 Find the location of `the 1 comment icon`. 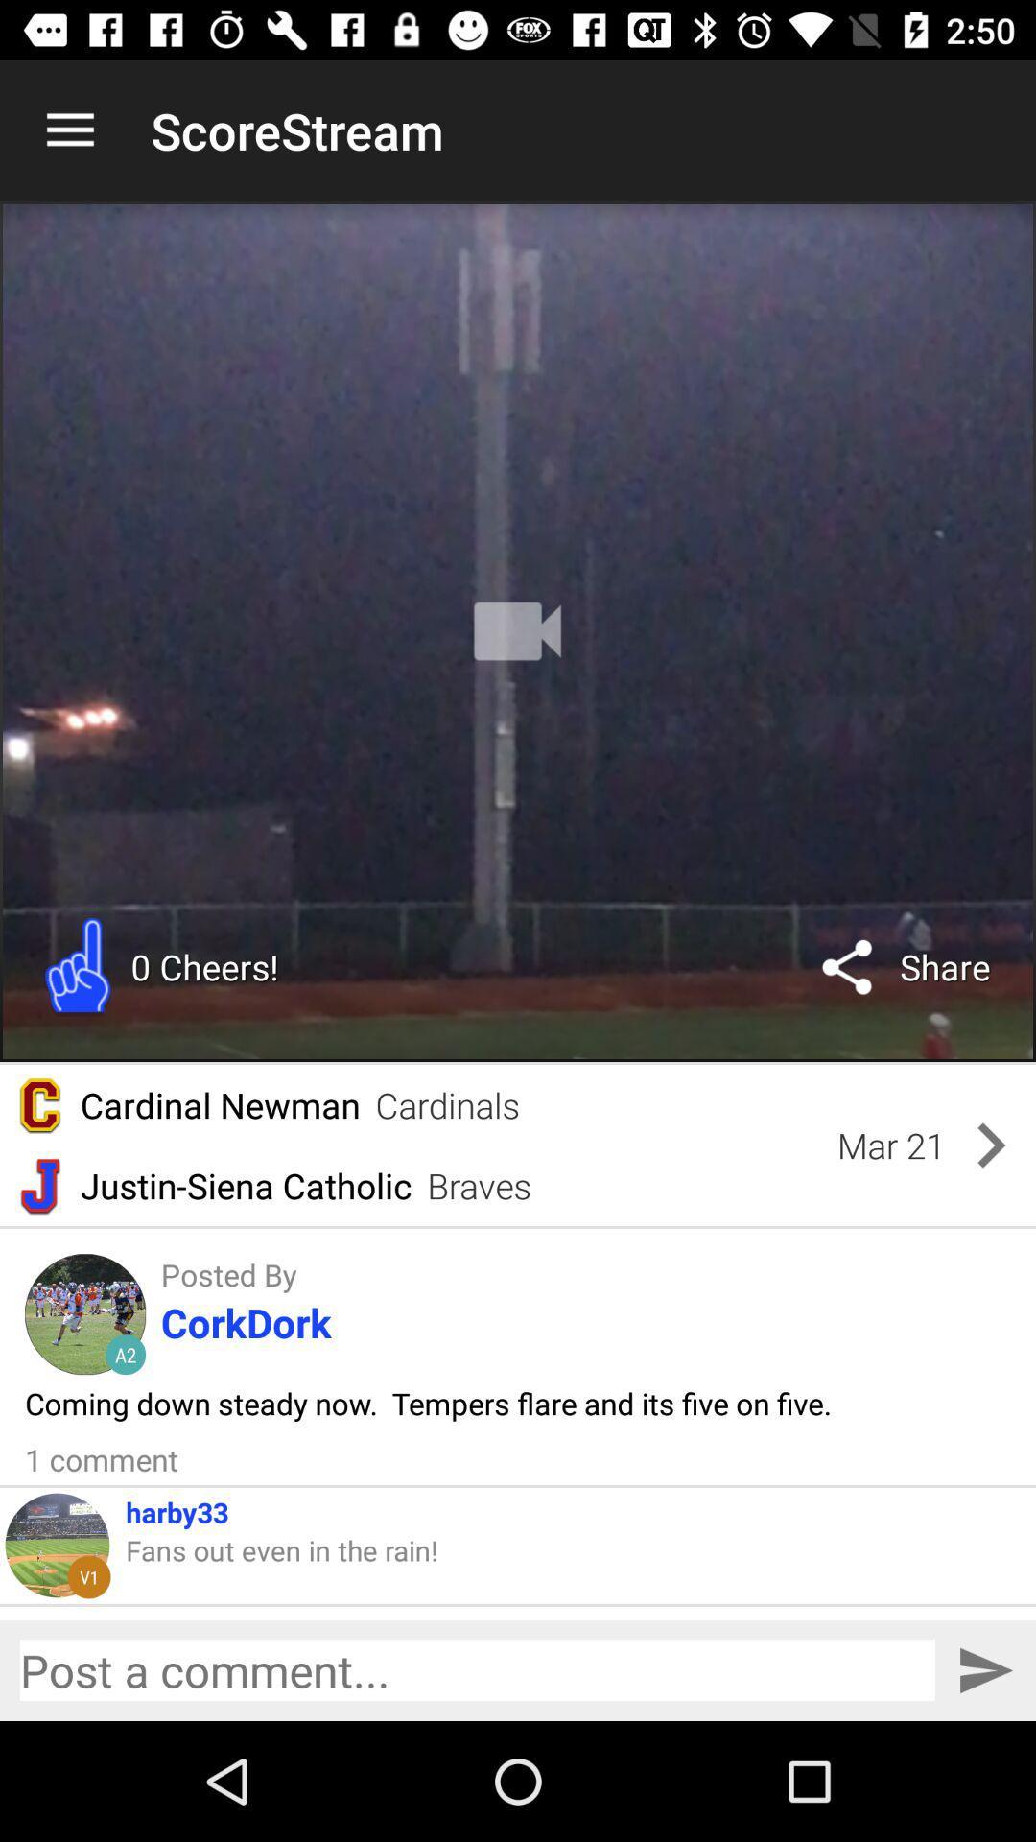

the 1 comment icon is located at coordinates (102, 1458).